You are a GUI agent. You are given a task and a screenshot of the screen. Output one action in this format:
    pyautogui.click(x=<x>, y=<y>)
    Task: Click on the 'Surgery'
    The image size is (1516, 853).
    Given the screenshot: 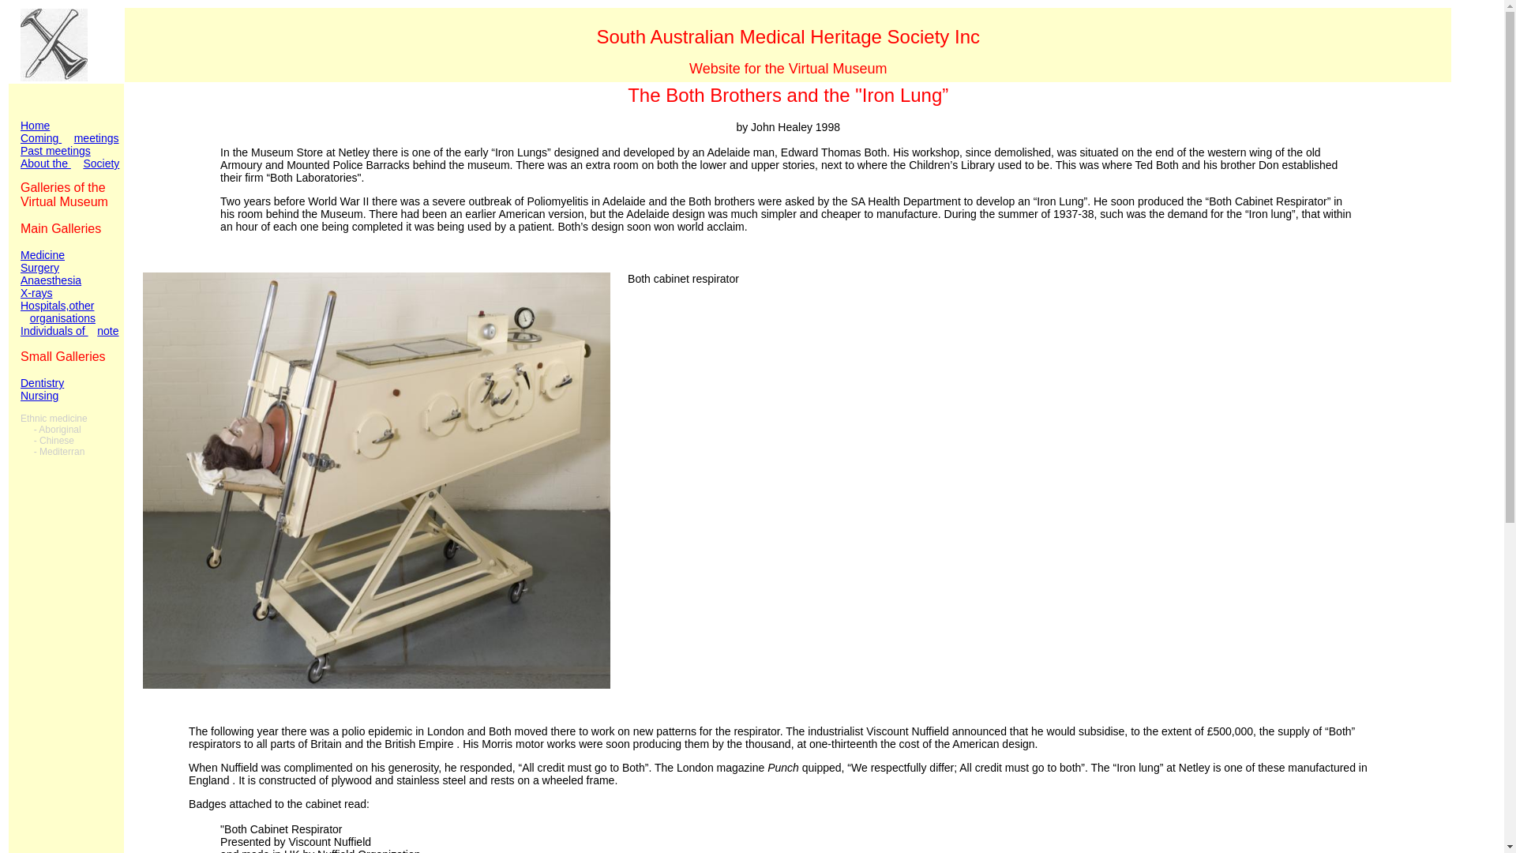 What is the action you would take?
    pyautogui.click(x=20, y=267)
    